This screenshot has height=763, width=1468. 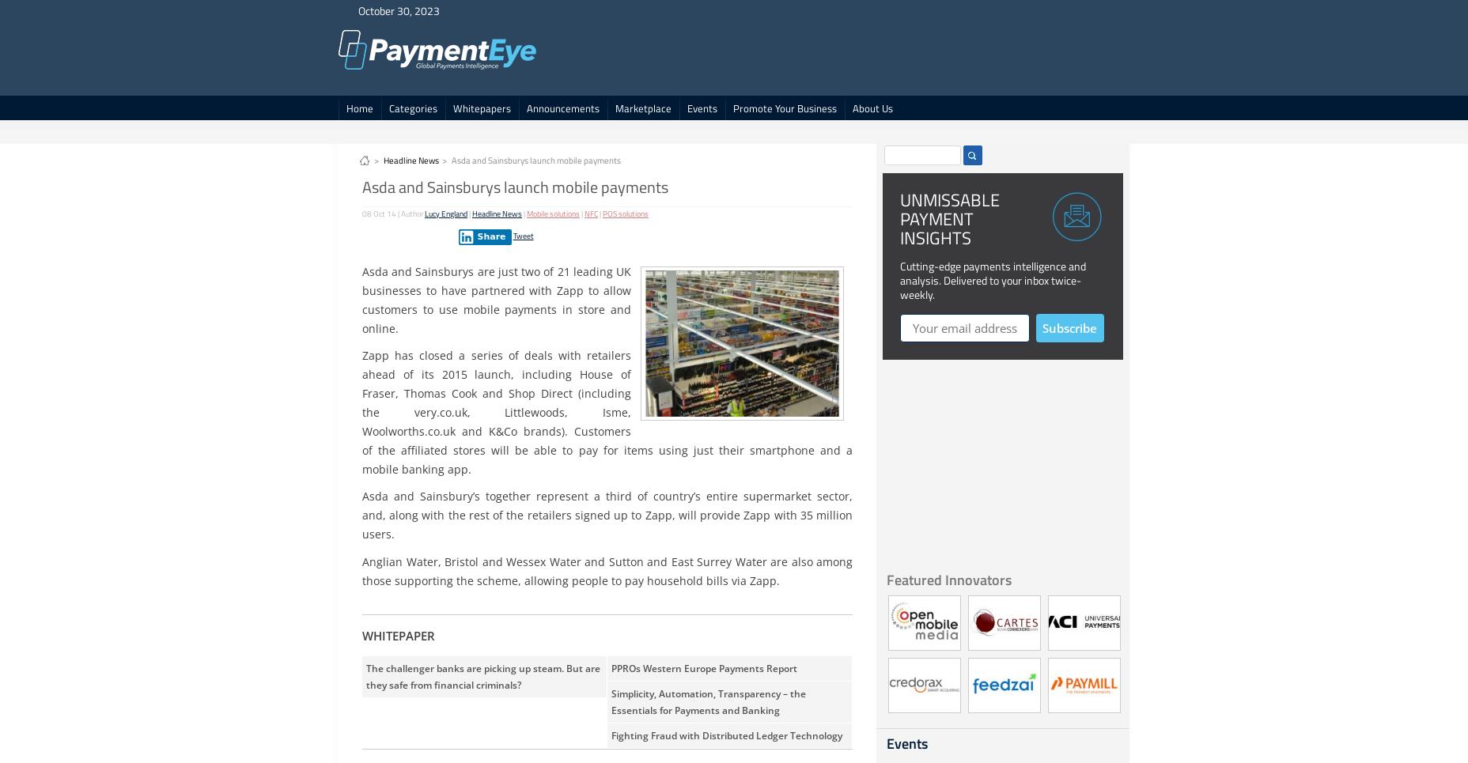 I want to click on 'Announcements', so click(x=562, y=108).